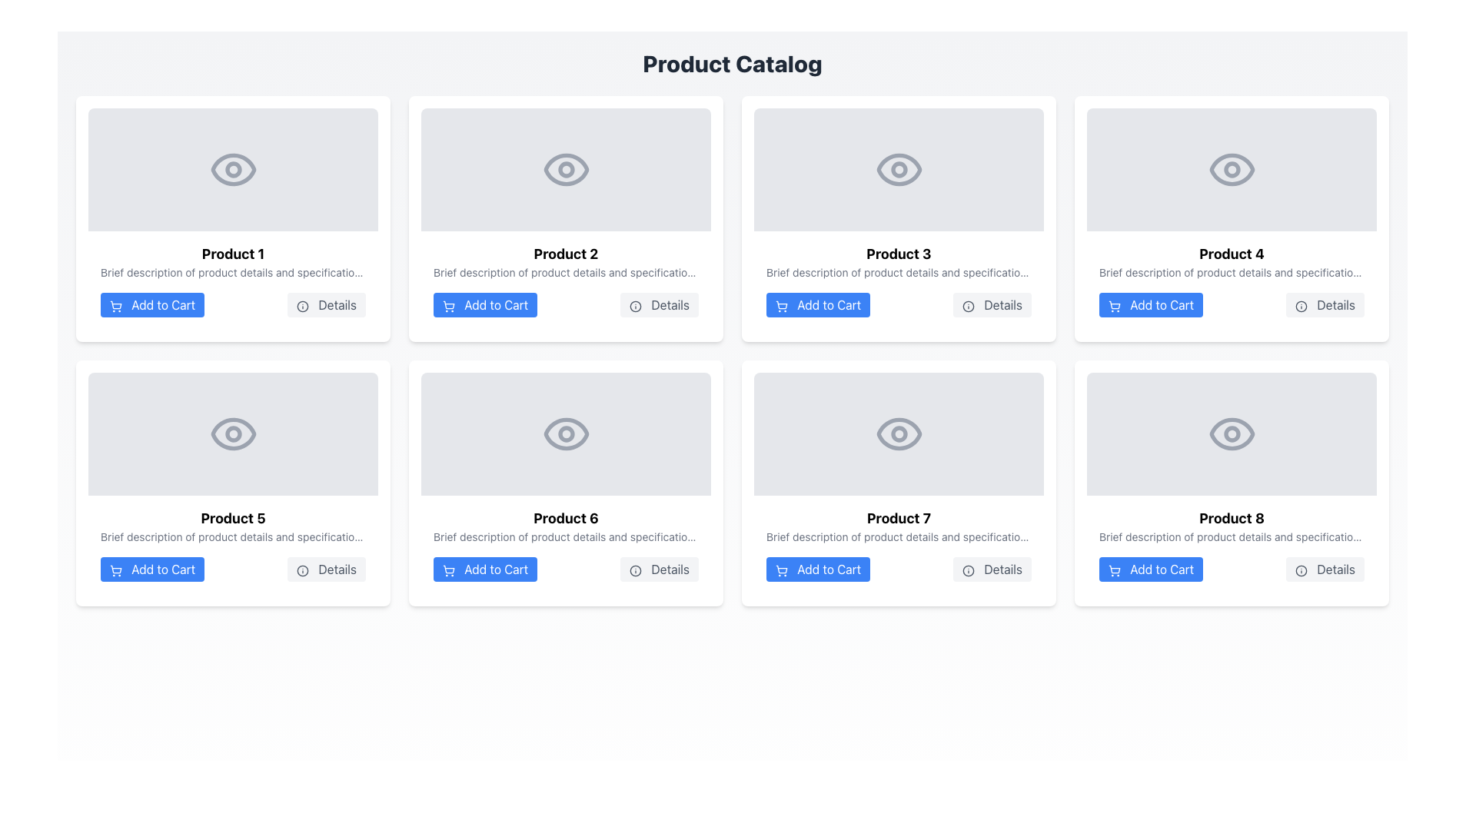  I want to click on the Text label displaying the product description for Product 6, located between the title 'Product 6' and the action button group, so click(565, 536).